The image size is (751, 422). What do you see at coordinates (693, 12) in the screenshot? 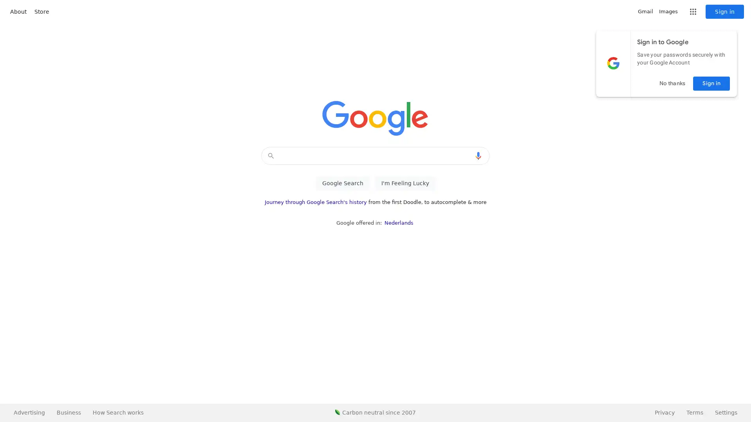
I see `Google apps` at bounding box center [693, 12].